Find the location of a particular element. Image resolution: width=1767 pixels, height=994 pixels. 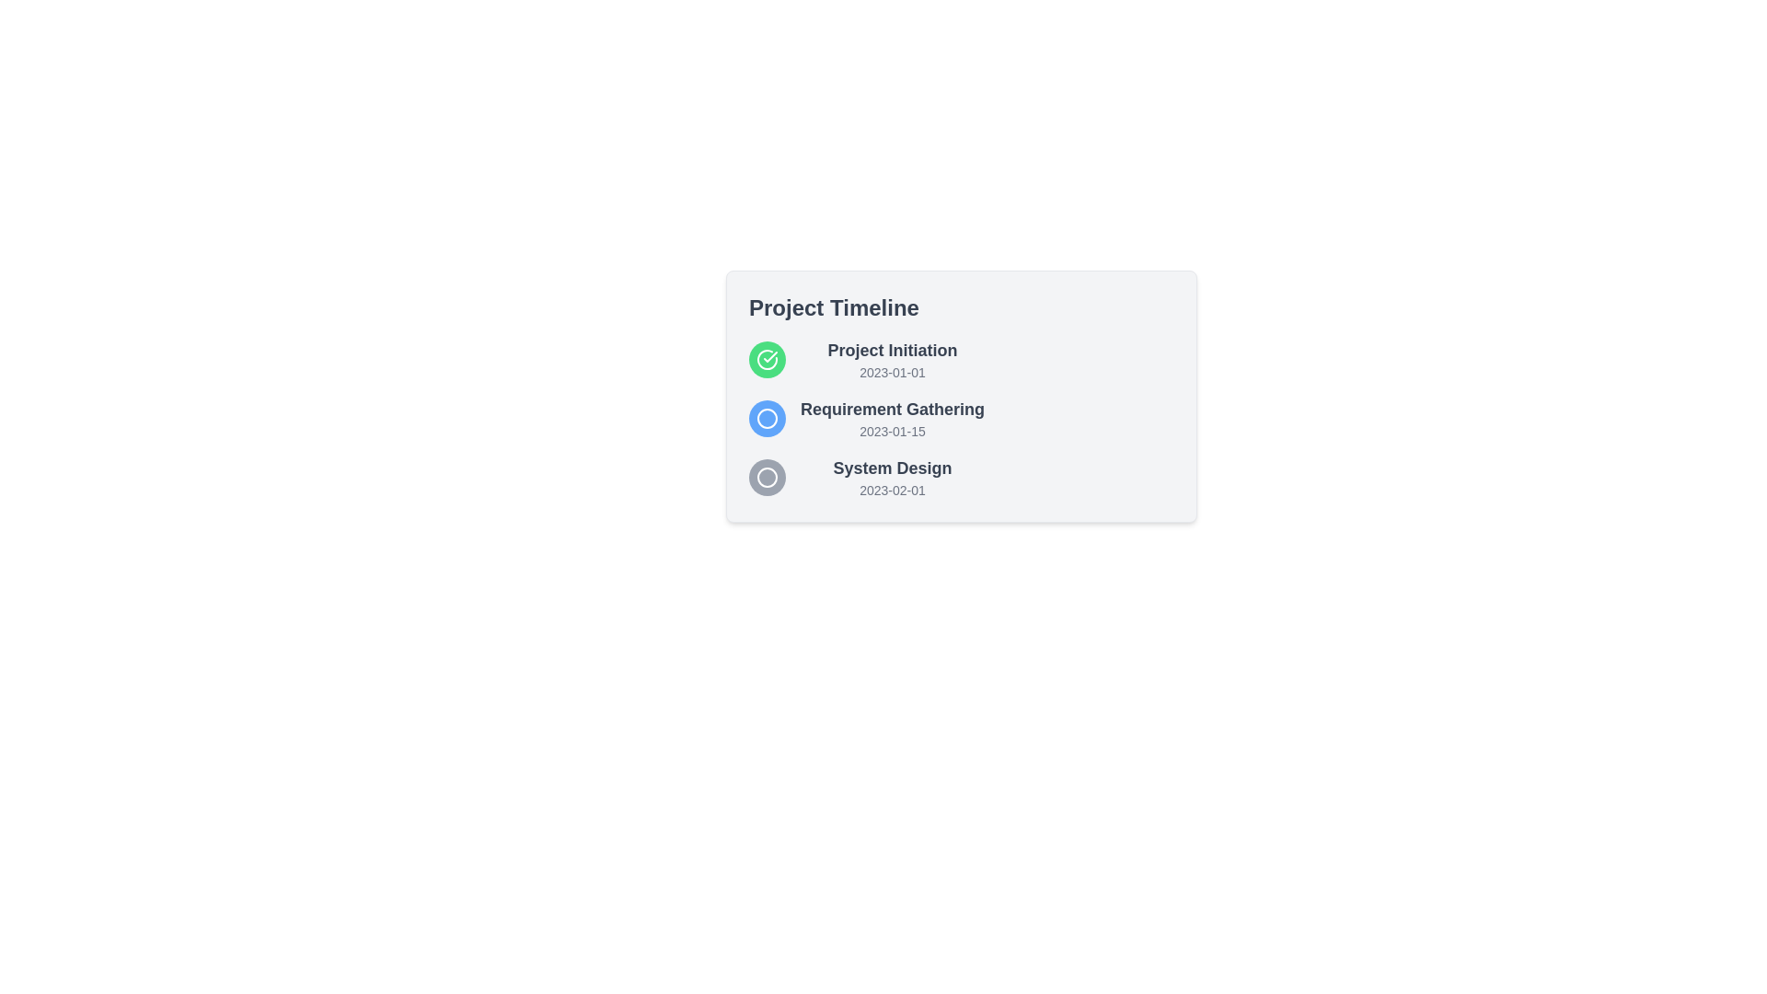

the timeline items in the vertical list of the 'Project Timeline' is located at coordinates (865, 419).